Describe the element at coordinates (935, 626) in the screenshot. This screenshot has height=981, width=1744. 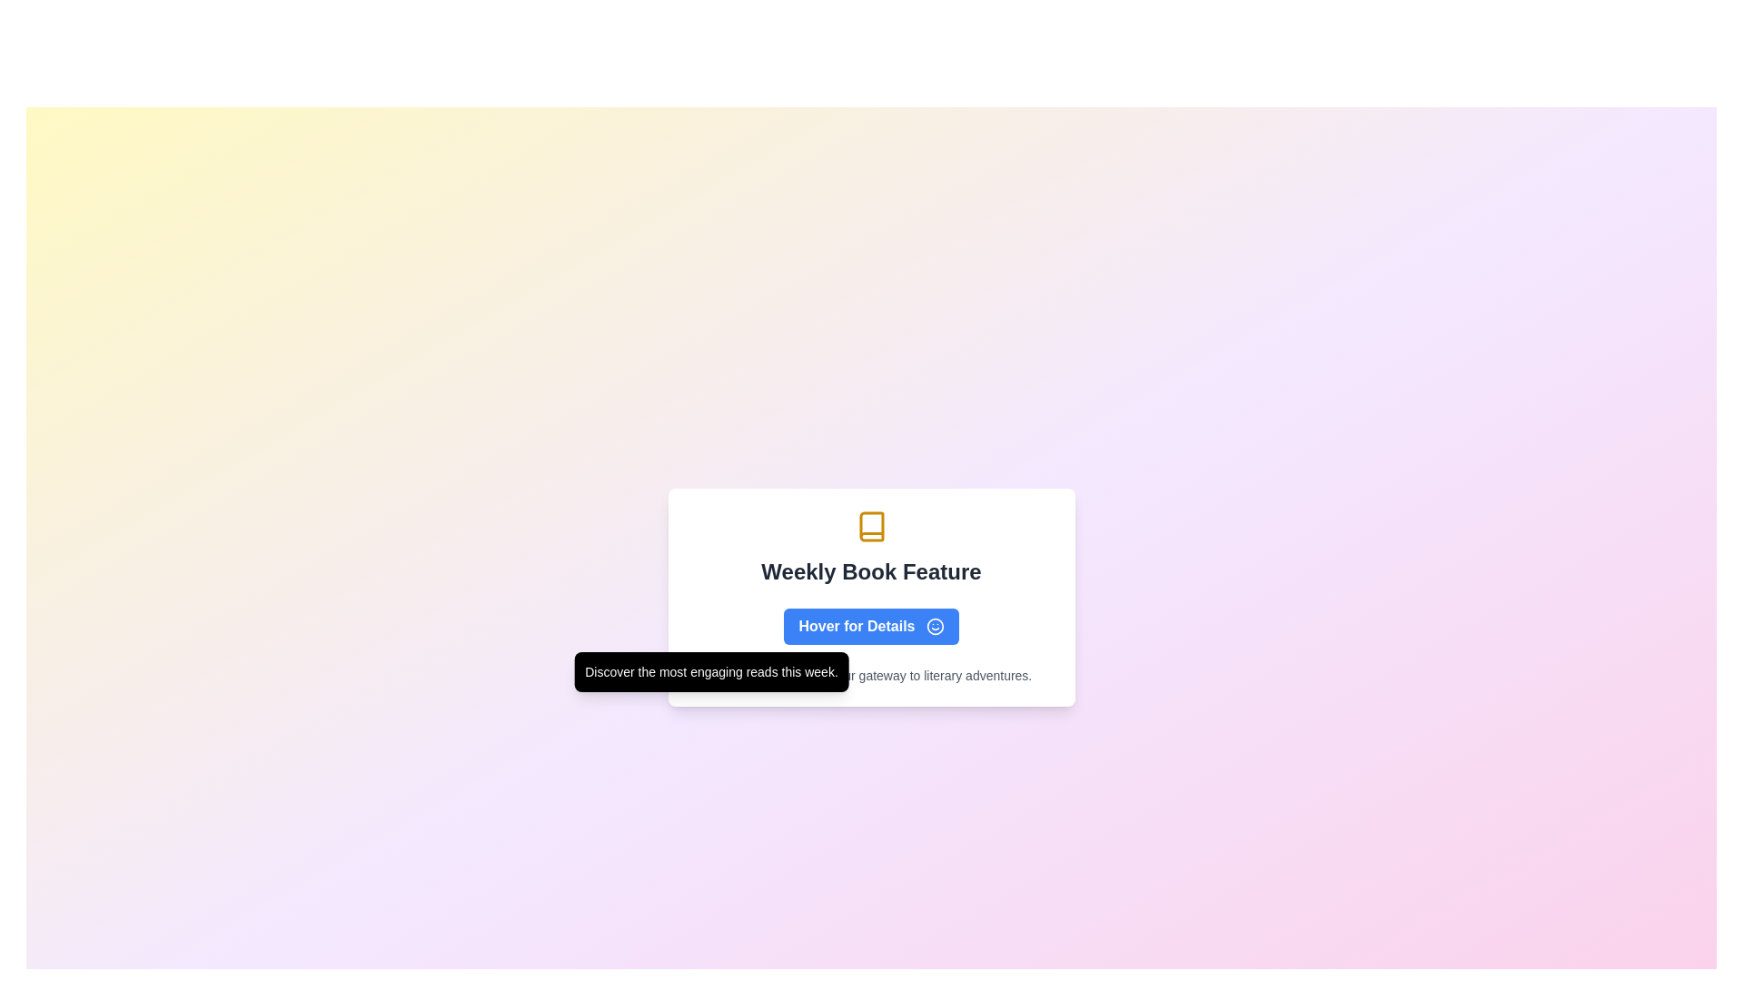
I see `the outermost circular shape of the smiley face icon, which is located to the right of the 'Hover for Details' button` at that location.